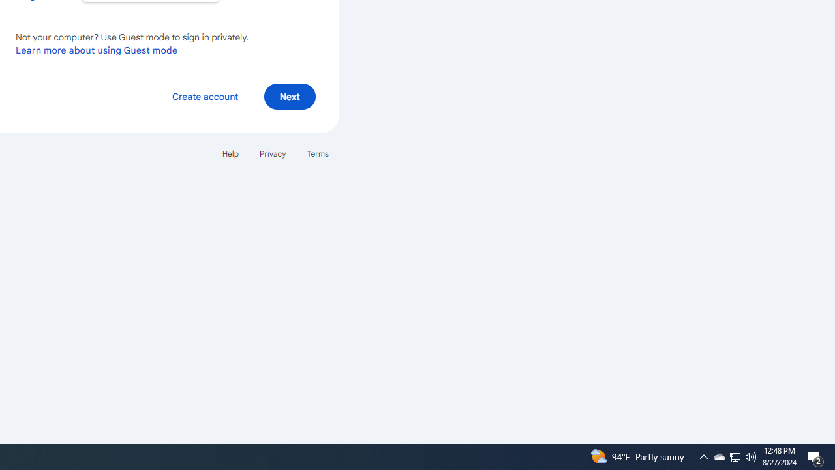 Image resolution: width=835 pixels, height=470 pixels. I want to click on 'Next', so click(289, 95).